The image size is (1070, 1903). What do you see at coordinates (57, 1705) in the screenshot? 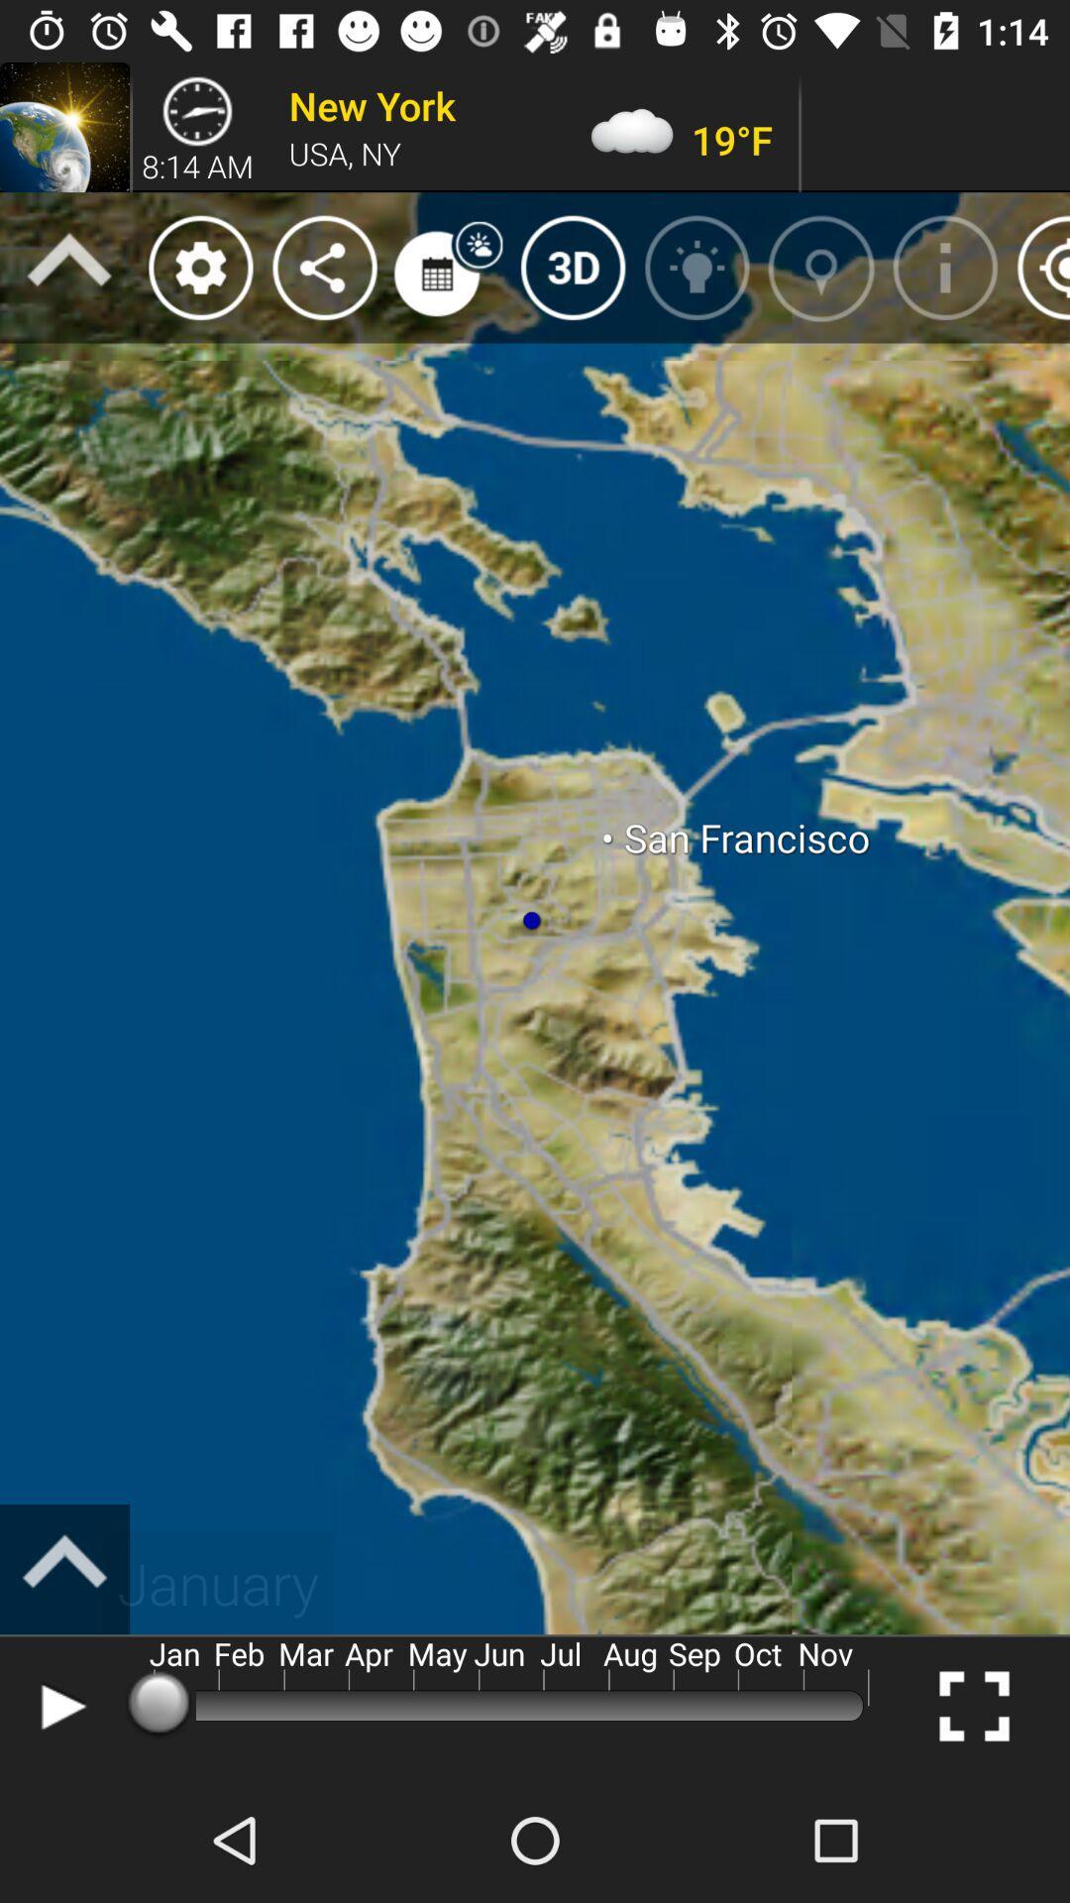
I see `the play icon` at bounding box center [57, 1705].